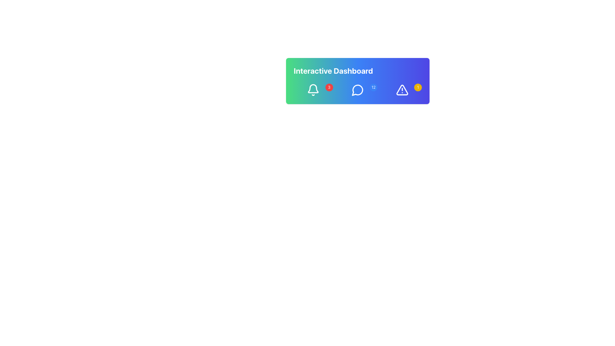  Describe the element at coordinates (333, 70) in the screenshot. I see `the non-interactive header title text label located on the left side of the dashboard header` at that location.